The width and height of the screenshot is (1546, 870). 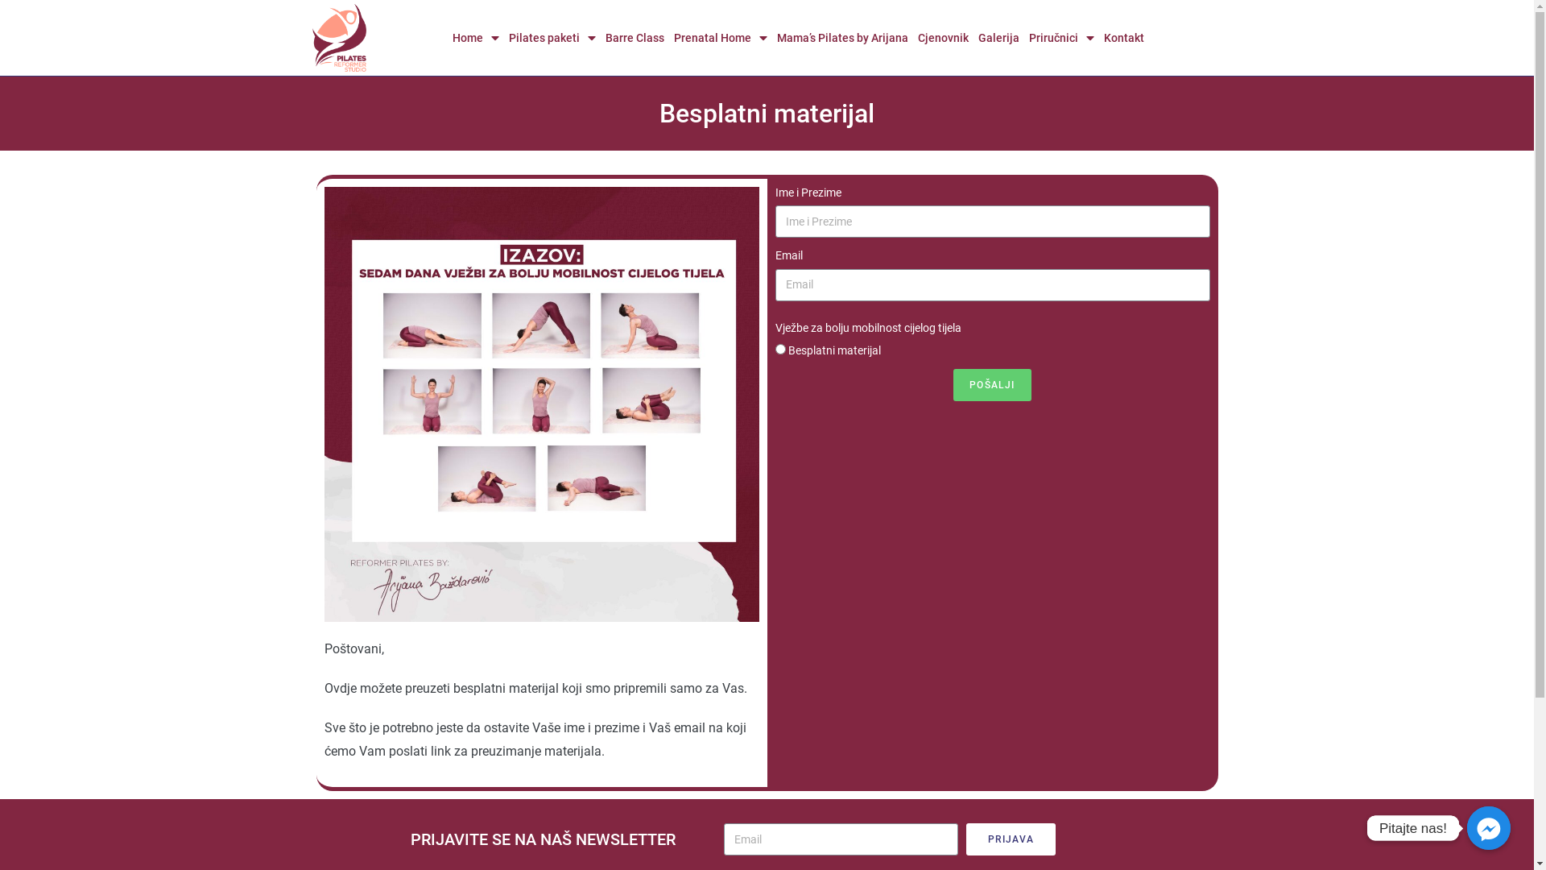 I want to click on 'Barre Class', so click(x=634, y=36).